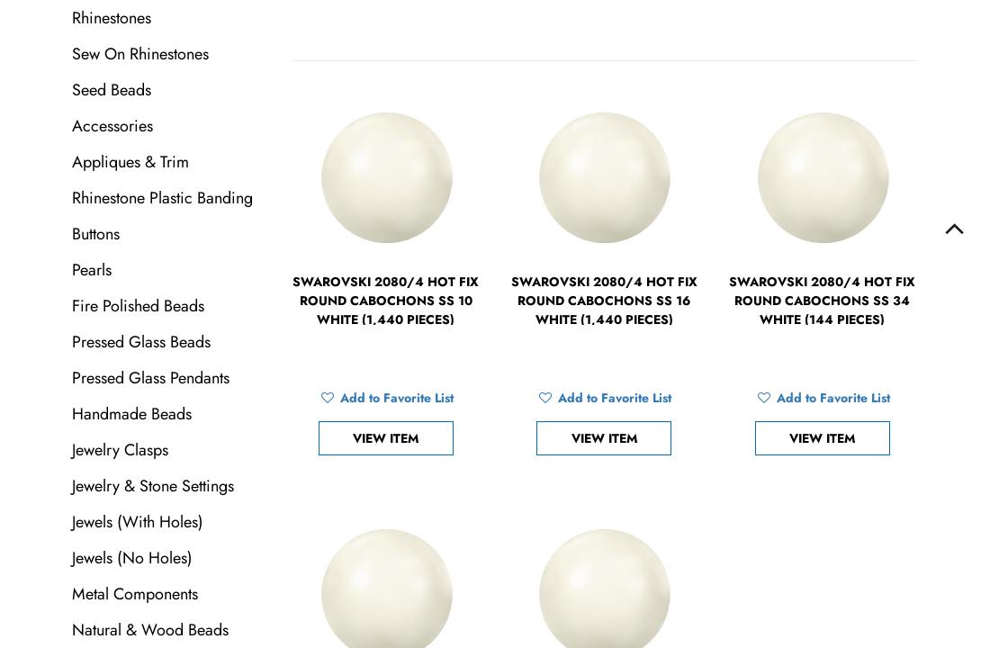 The height and width of the screenshot is (648, 990). What do you see at coordinates (95, 232) in the screenshot?
I see `'Buttons'` at bounding box center [95, 232].